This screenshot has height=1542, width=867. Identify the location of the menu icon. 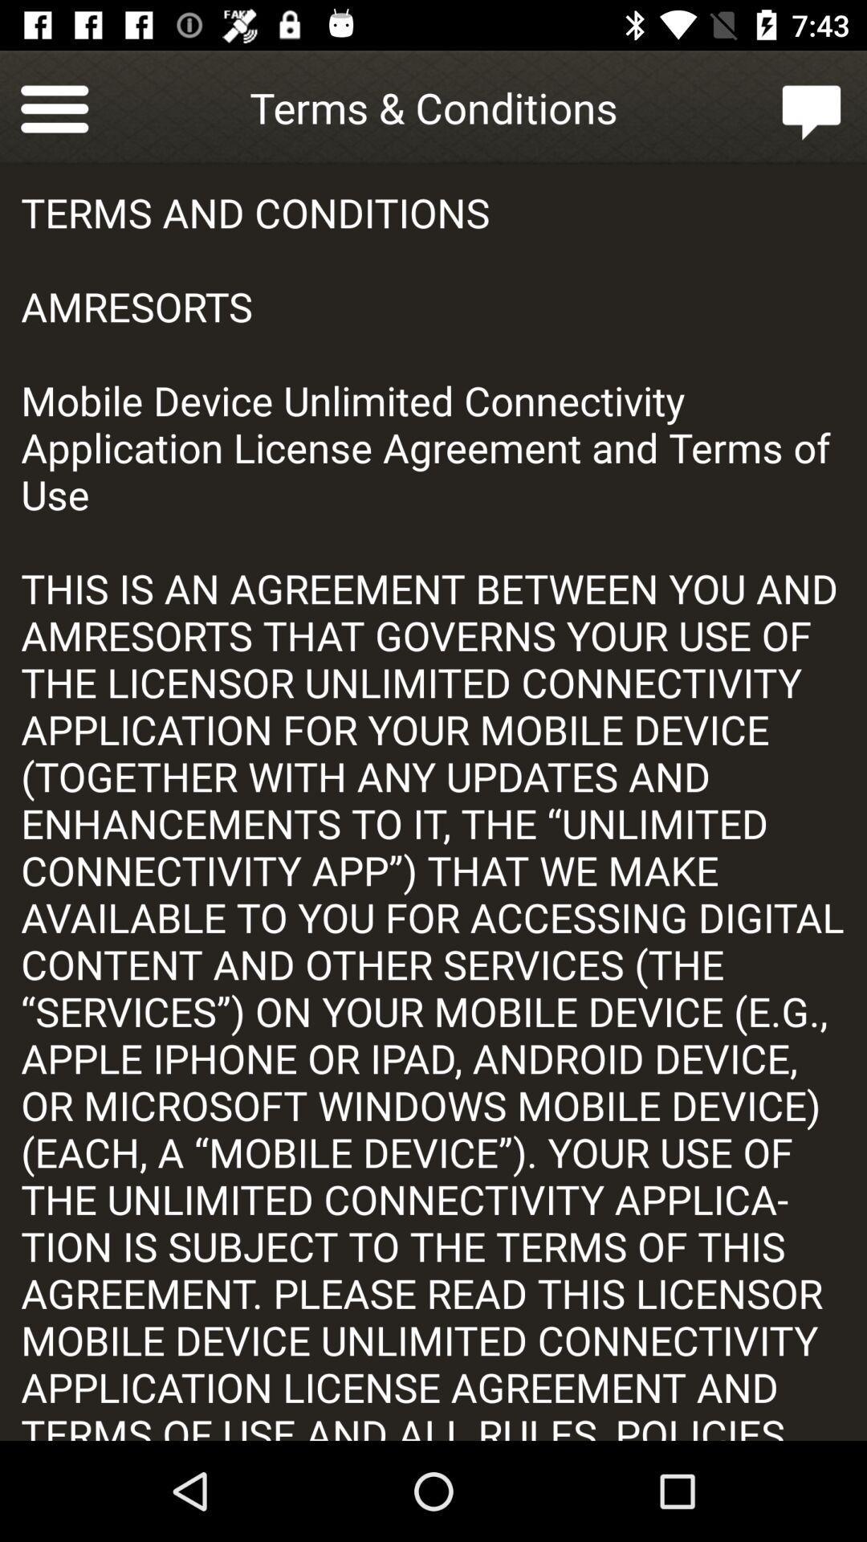
(54, 106).